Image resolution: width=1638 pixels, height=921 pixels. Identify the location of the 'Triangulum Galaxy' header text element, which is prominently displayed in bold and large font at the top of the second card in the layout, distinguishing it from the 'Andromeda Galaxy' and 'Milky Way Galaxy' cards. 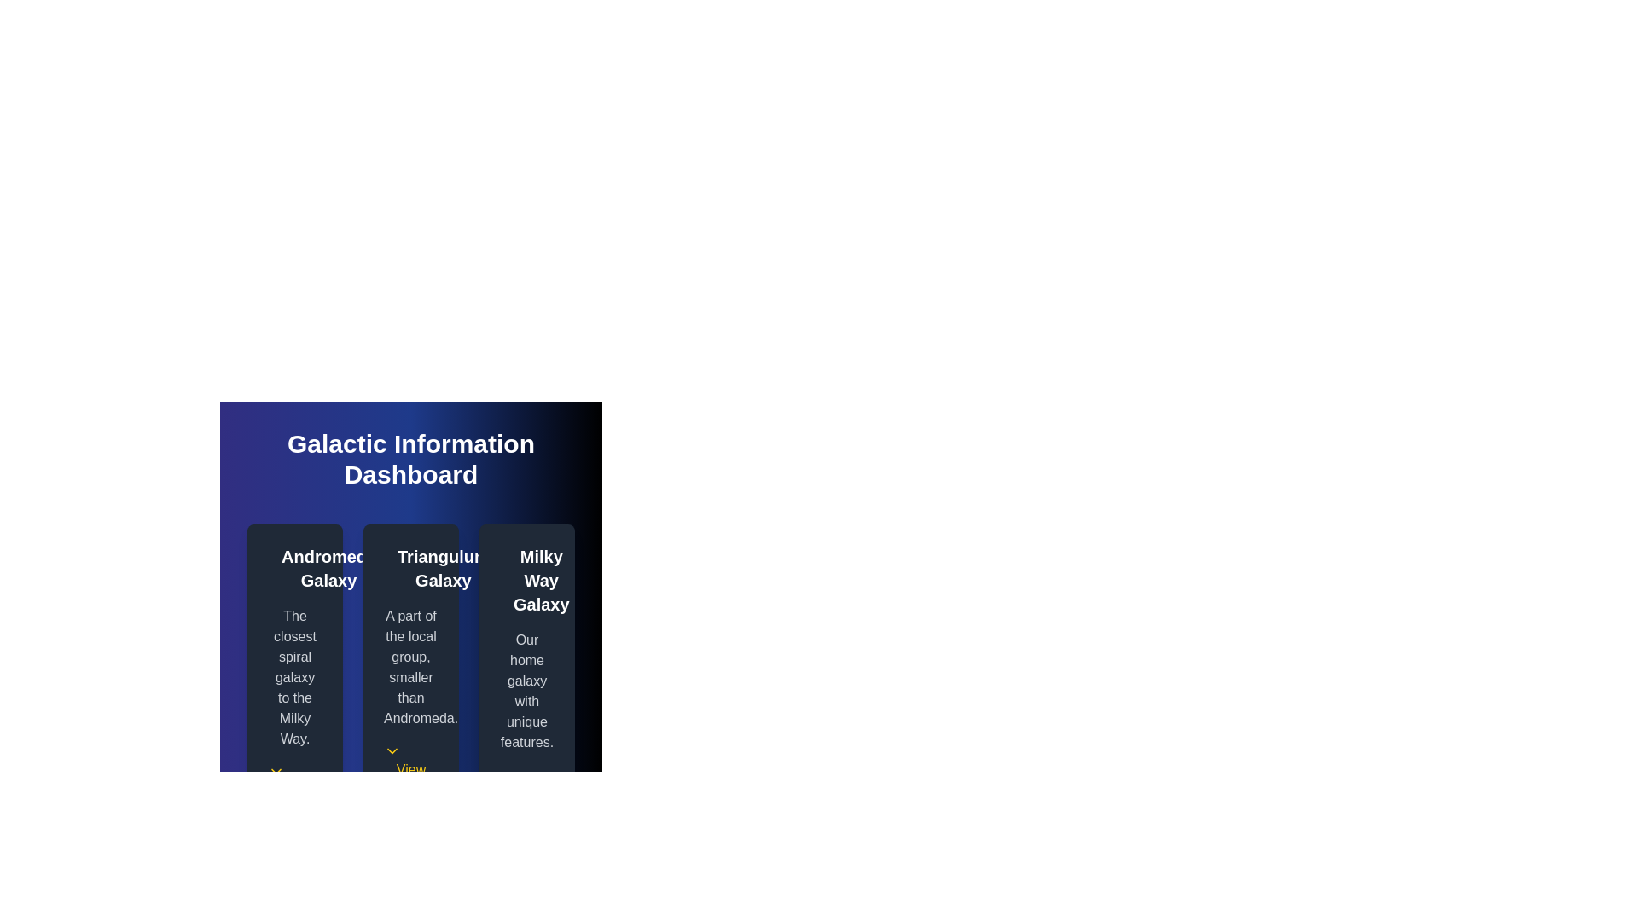
(410, 569).